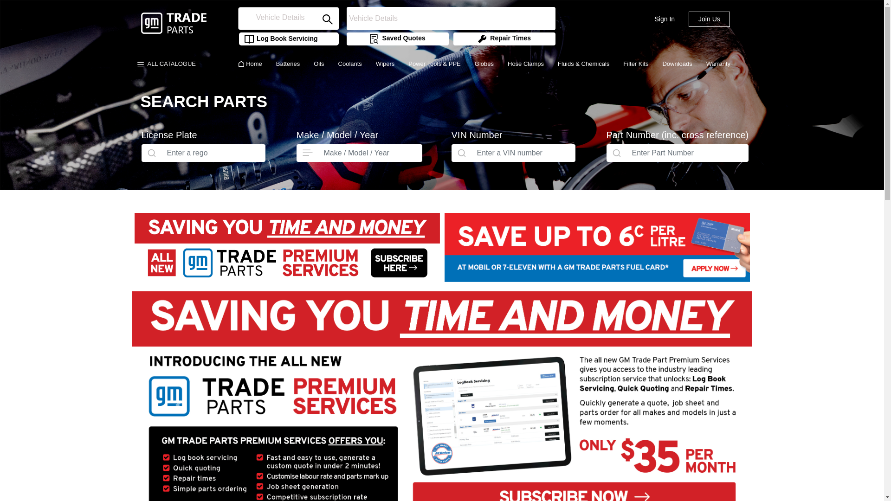  What do you see at coordinates (250, 64) in the screenshot?
I see `'Home'` at bounding box center [250, 64].